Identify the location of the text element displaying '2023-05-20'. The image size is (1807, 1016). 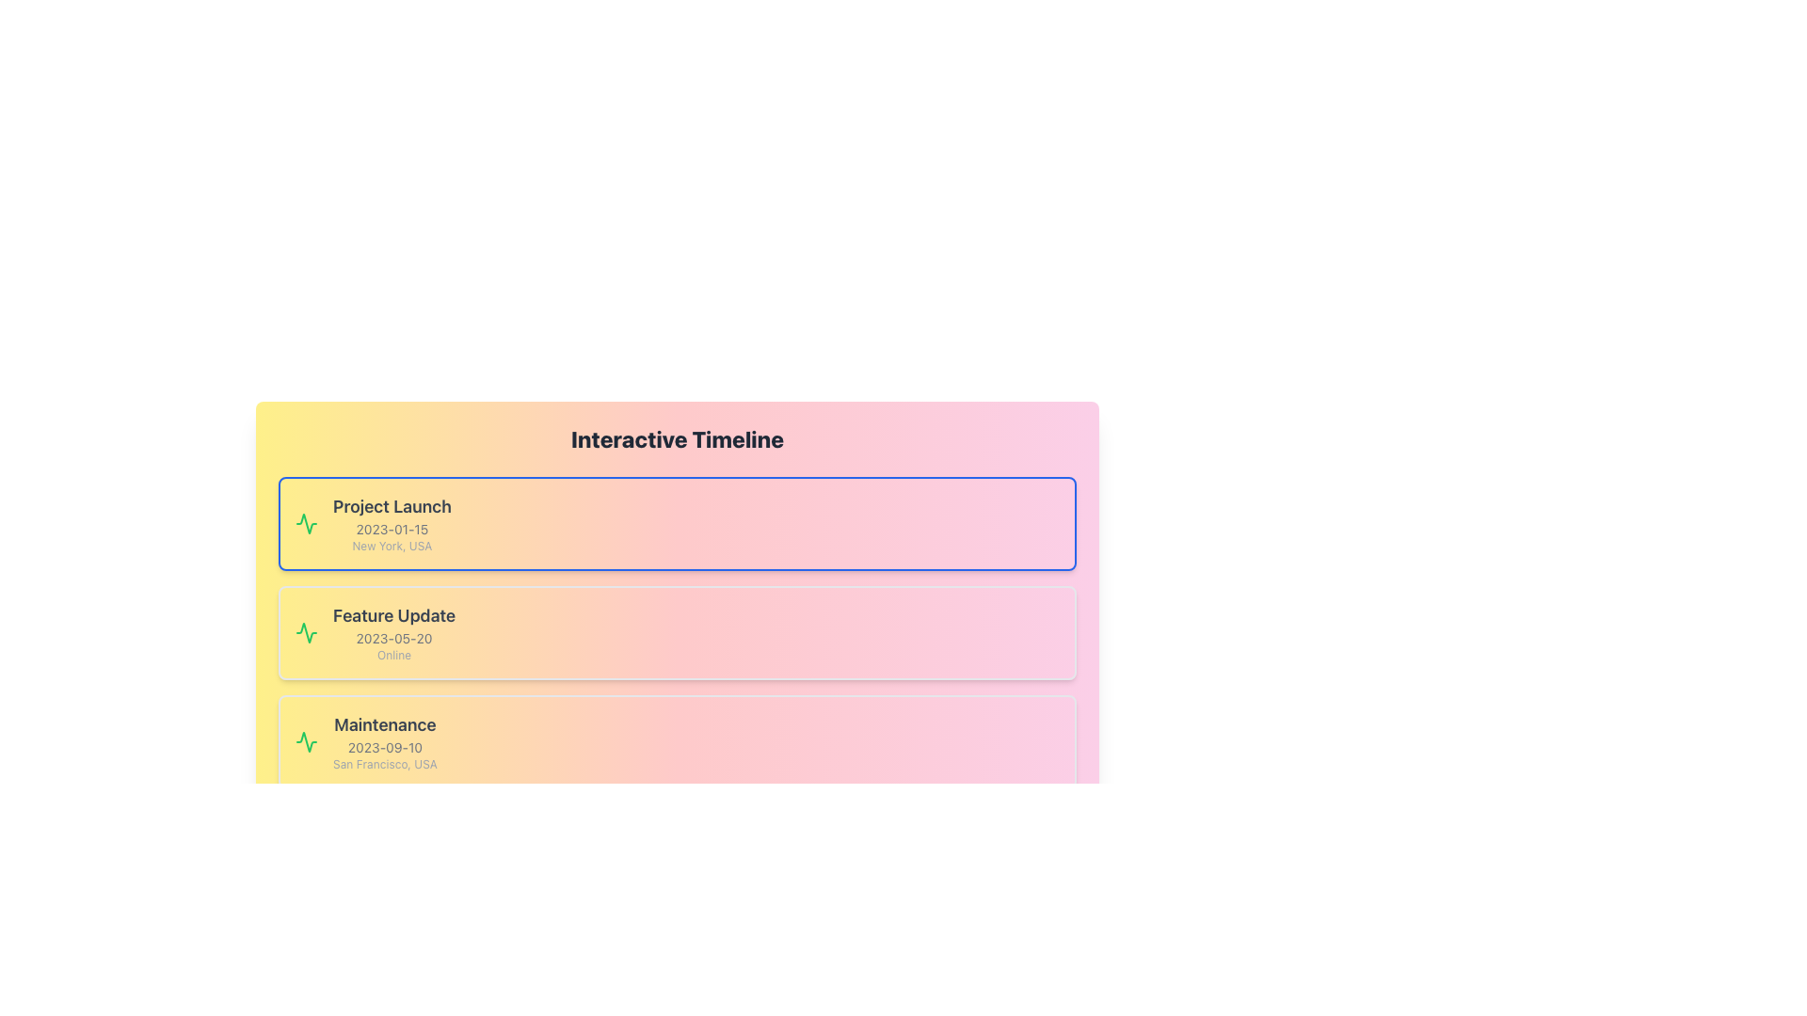
(393, 637).